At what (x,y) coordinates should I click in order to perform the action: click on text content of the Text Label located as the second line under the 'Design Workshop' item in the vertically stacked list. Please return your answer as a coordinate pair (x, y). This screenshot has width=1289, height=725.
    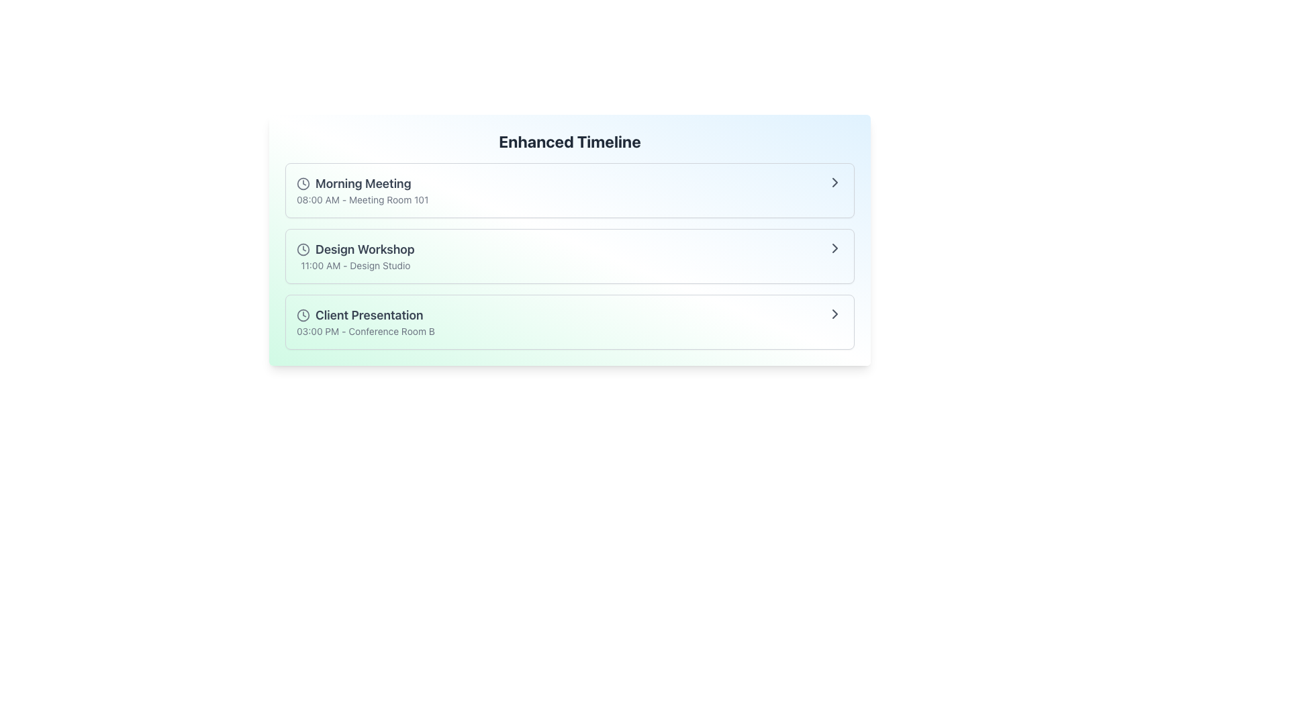
    Looking at the image, I should click on (355, 266).